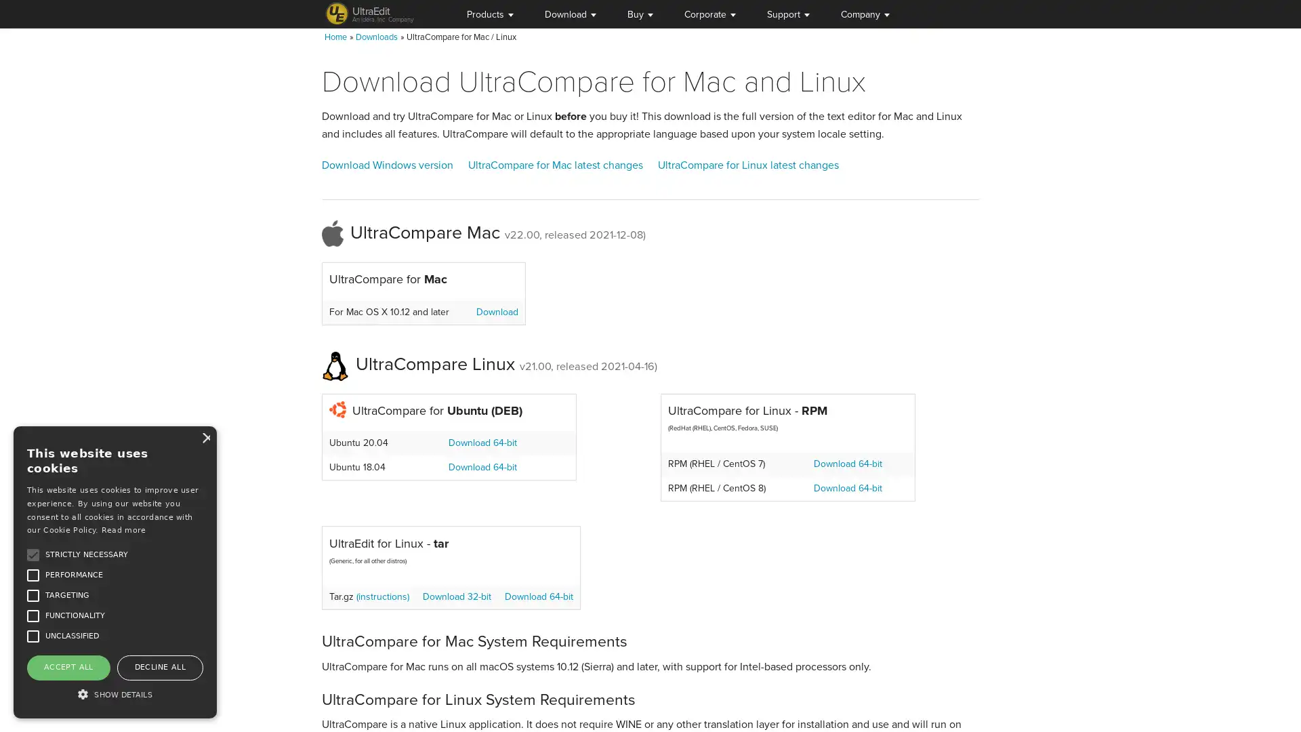  What do you see at coordinates (115, 693) in the screenshot?
I see `SHOW DETAILS` at bounding box center [115, 693].